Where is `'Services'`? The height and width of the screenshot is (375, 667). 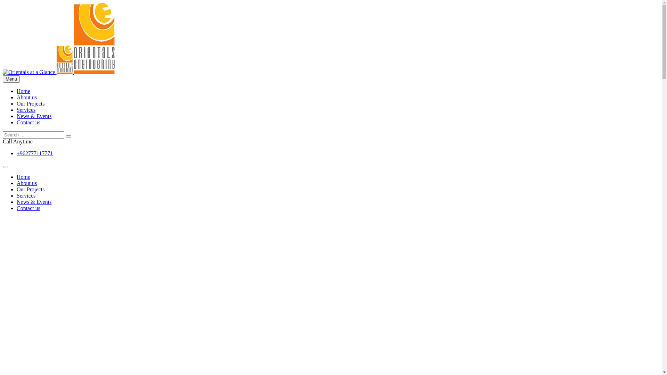
'Services' is located at coordinates (26, 195).